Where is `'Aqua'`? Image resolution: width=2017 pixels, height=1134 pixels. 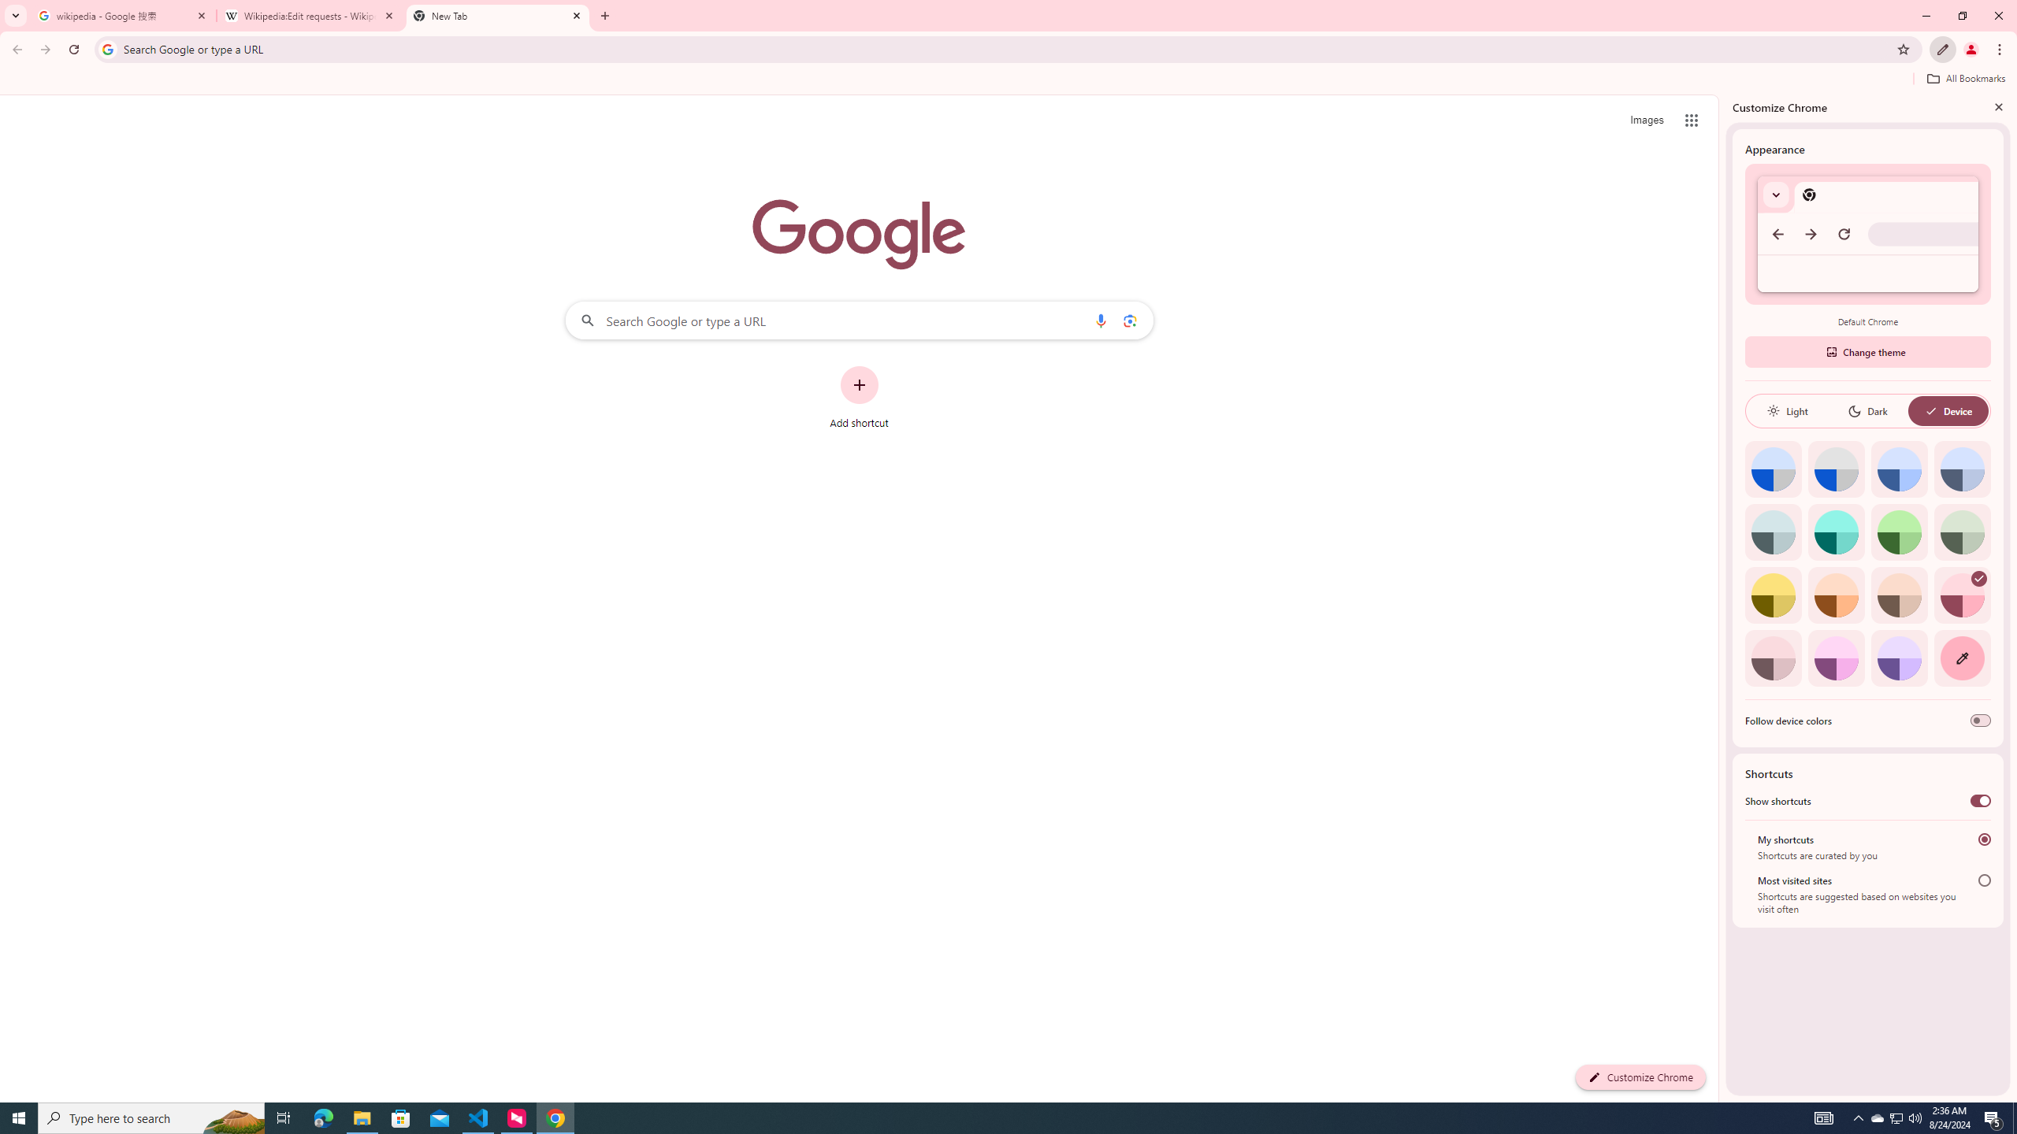
'Aqua' is located at coordinates (1835, 531).